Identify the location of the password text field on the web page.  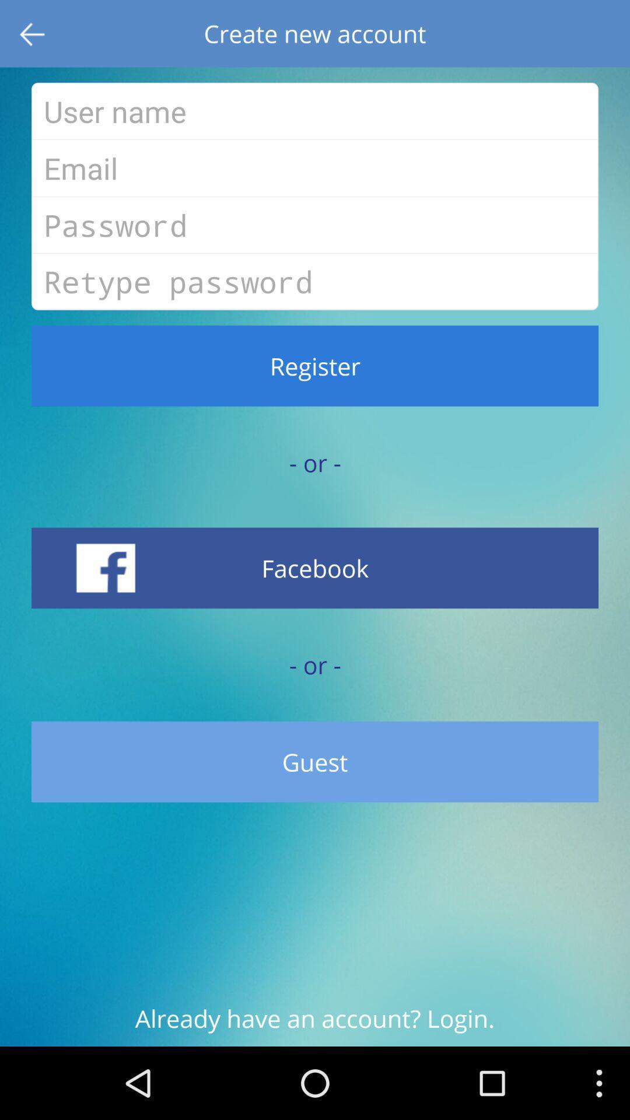
(315, 225).